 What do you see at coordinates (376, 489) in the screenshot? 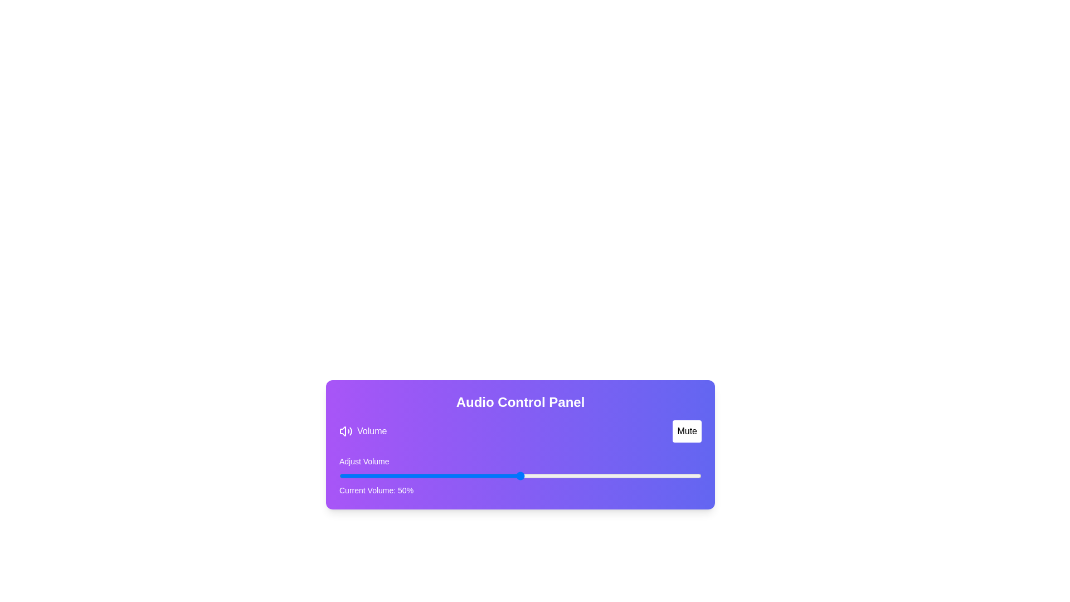
I see `the static informational Text Label displaying the current volume percentage (50%) located towards the bottom-left of the audio control section` at bounding box center [376, 489].